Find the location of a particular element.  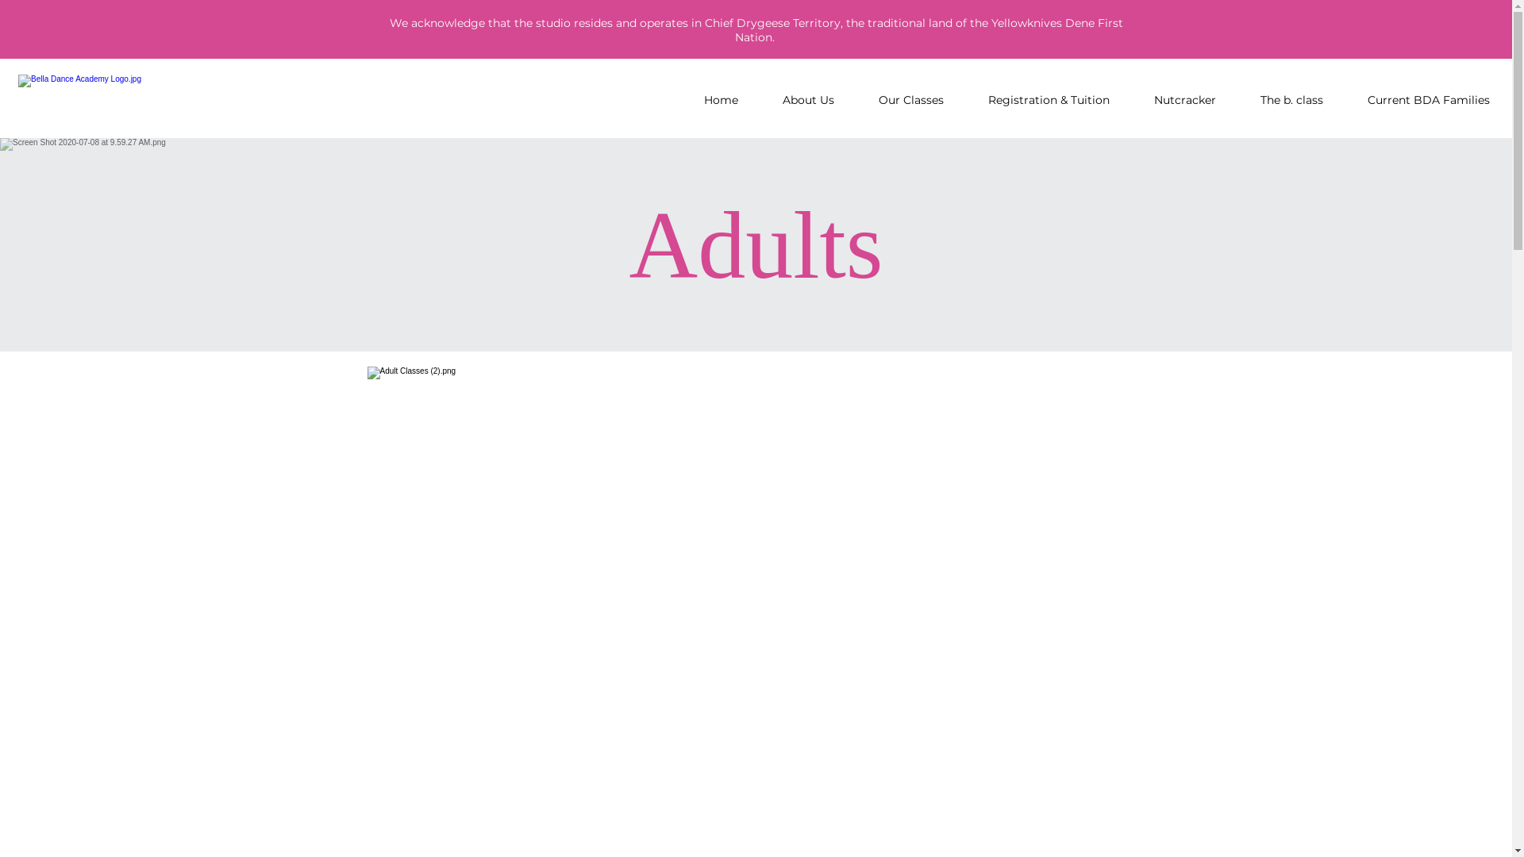

'Current BDA Families' is located at coordinates (1428, 100).